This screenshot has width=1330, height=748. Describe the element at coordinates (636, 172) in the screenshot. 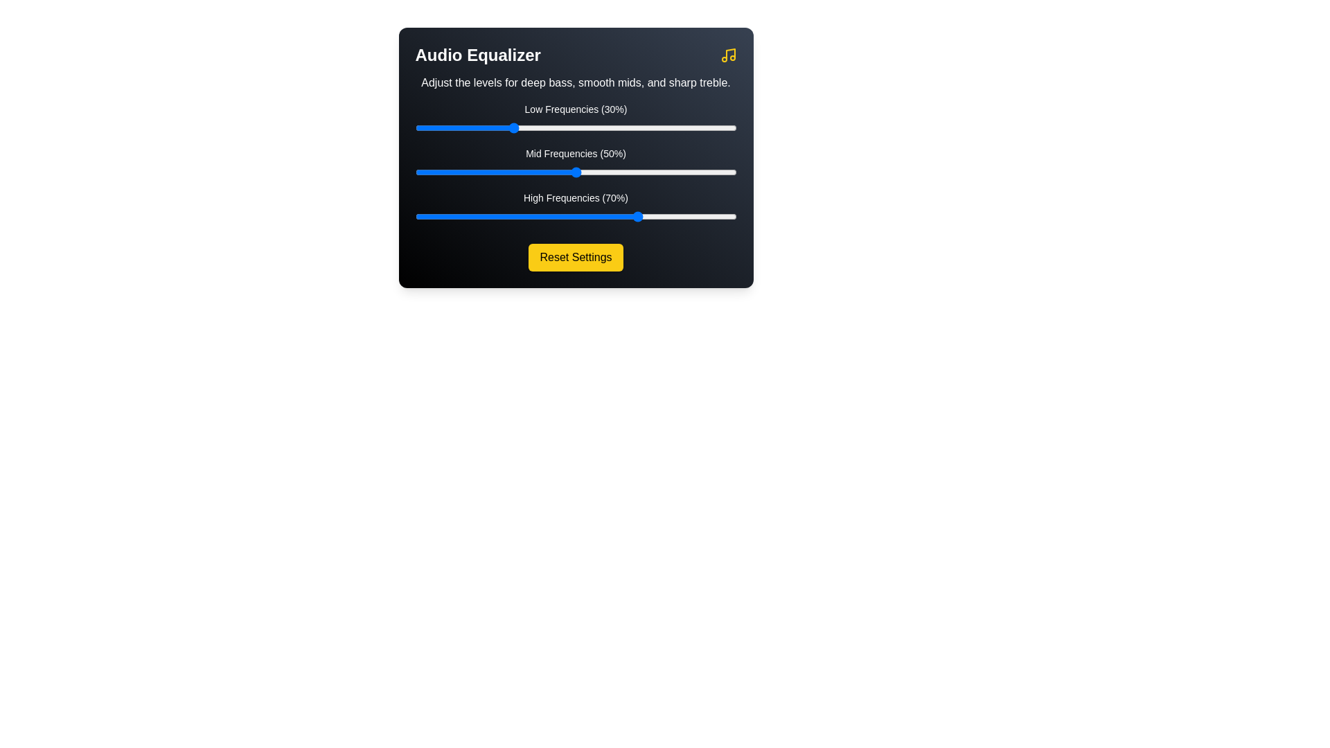

I see `the mid frequency slider to 69%` at that location.